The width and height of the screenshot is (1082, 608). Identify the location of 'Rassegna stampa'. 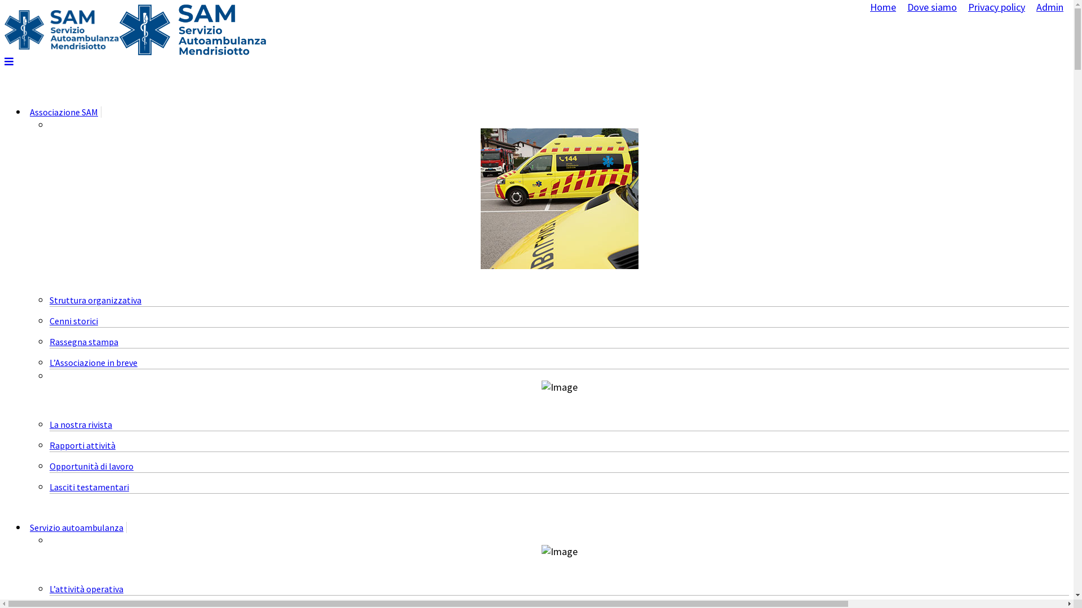
(48, 341).